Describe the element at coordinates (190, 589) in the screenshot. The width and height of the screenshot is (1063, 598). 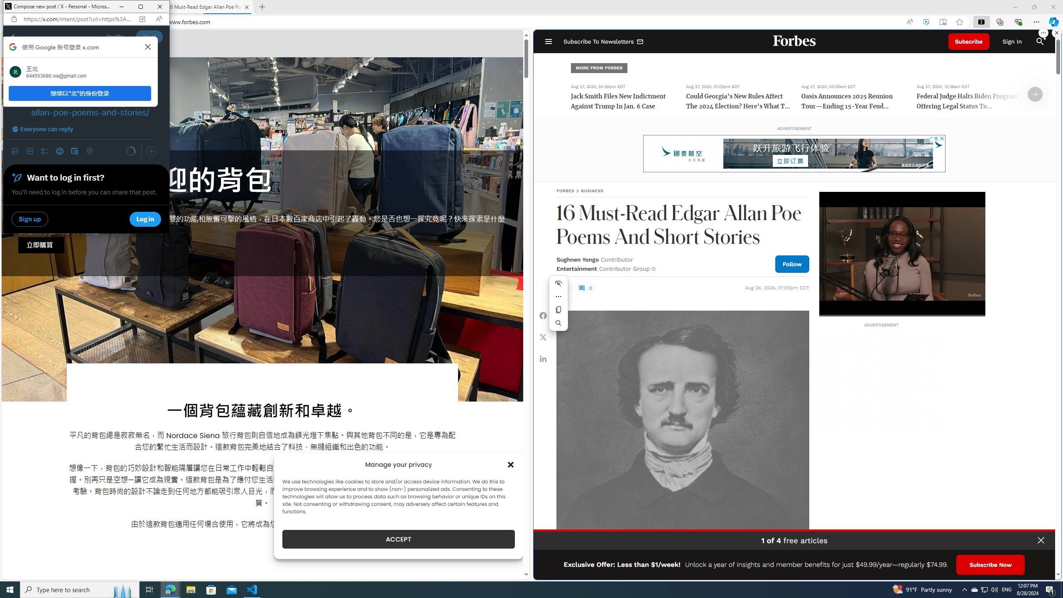
I see `'File Explorer'` at that location.